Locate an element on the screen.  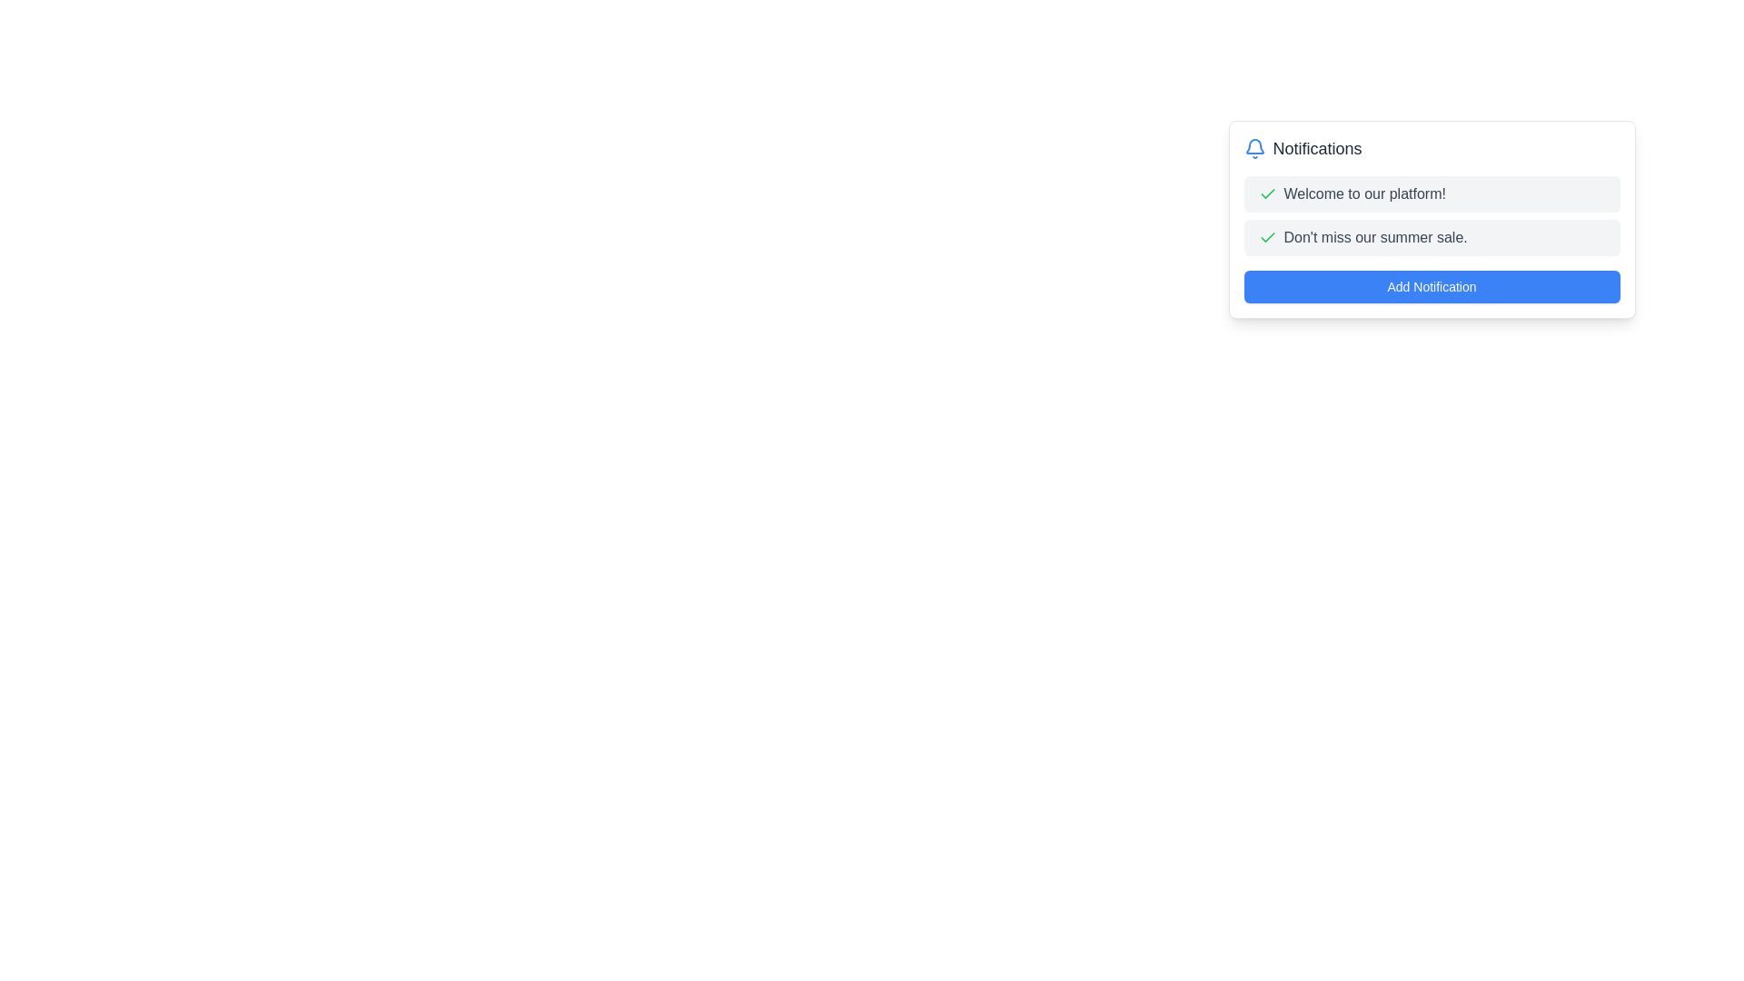
the text label that says "Don't miss our summer sale." which is part of the second notification item in the notification panel is located at coordinates (1375, 237).